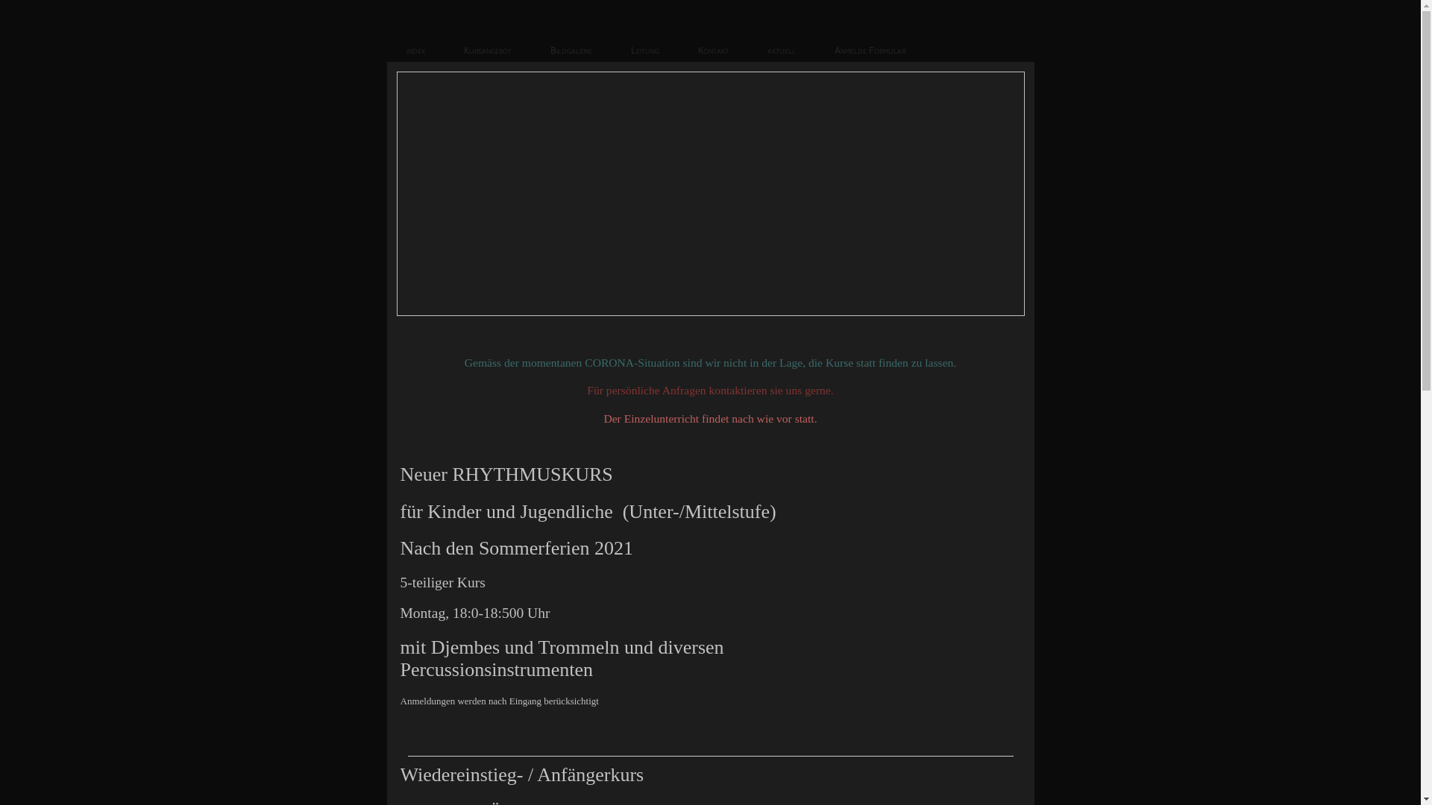  I want to click on 'Leitung', so click(644, 48).